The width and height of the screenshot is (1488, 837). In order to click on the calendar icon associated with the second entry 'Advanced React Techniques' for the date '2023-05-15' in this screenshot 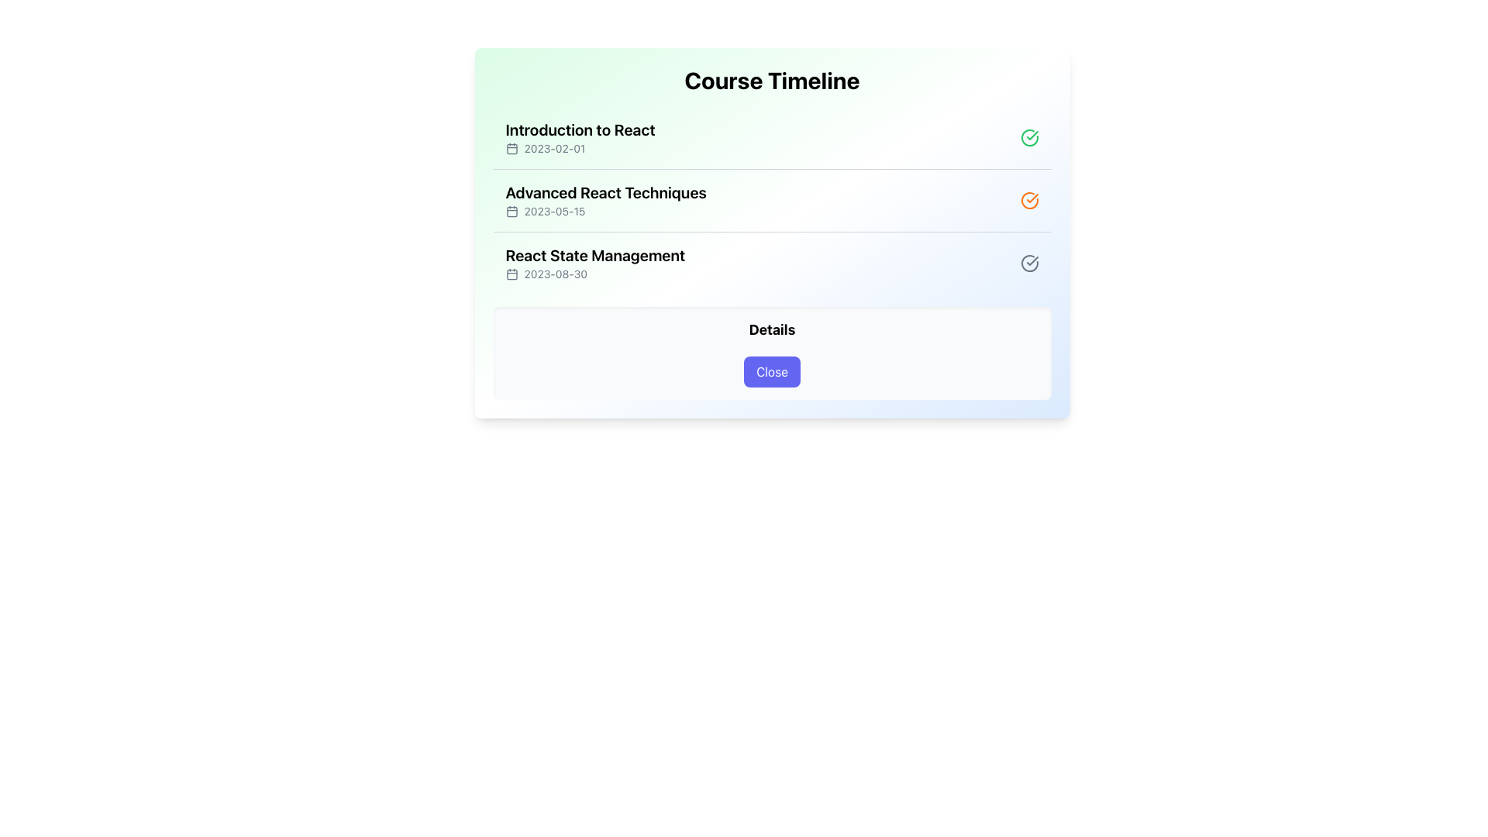, I will do `click(511, 212)`.